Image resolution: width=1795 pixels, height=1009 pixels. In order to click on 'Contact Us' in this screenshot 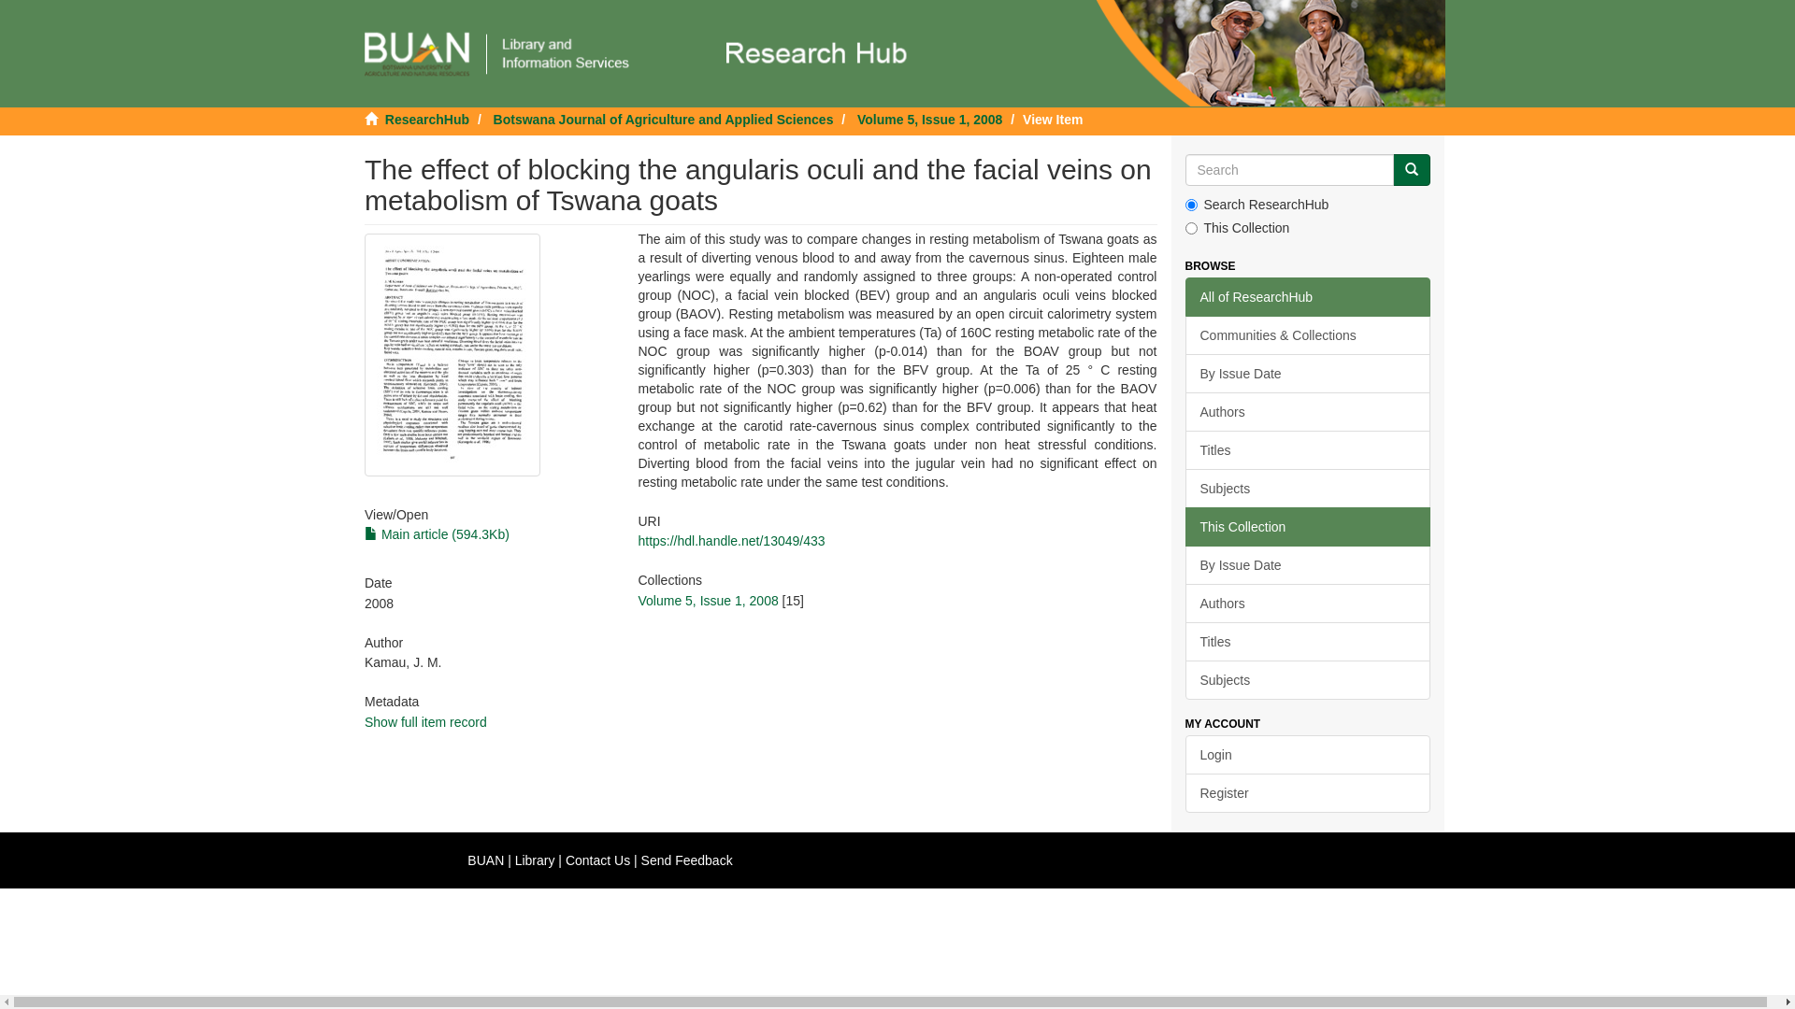, I will do `click(596, 860)`.